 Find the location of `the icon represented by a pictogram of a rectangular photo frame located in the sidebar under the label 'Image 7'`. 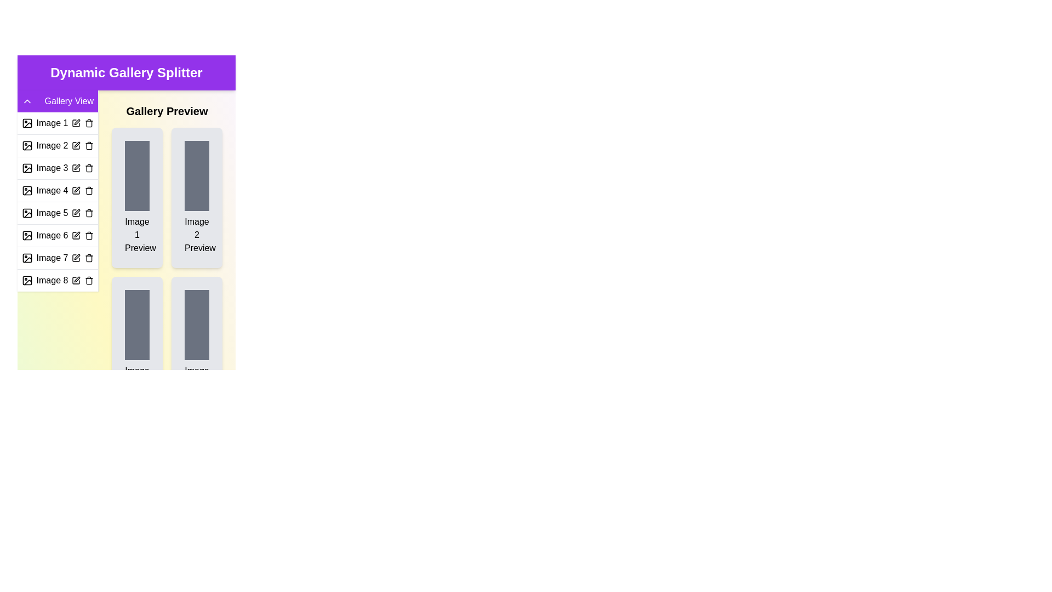

the icon represented by a pictogram of a rectangular photo frame located in the sidebar under the label 'Image 7' is located at coordinates (27, 258).